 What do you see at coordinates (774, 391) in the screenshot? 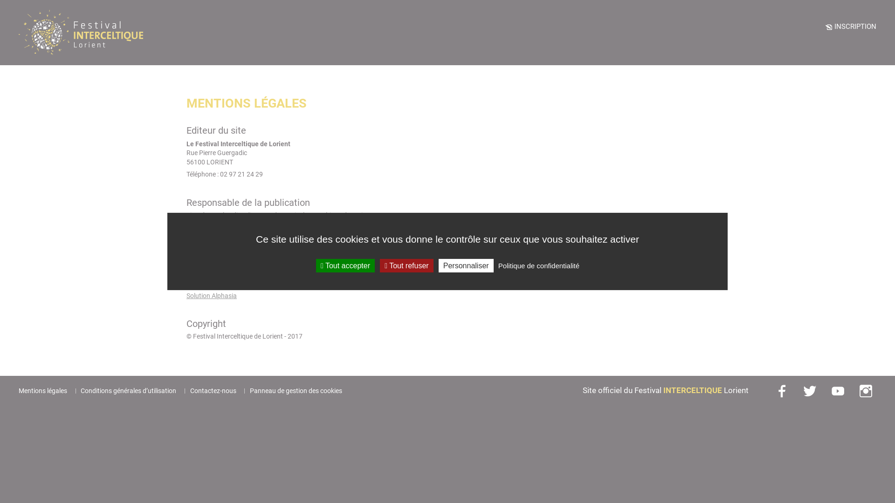
I see `'Facebook'` at bounding box center [774, 391].